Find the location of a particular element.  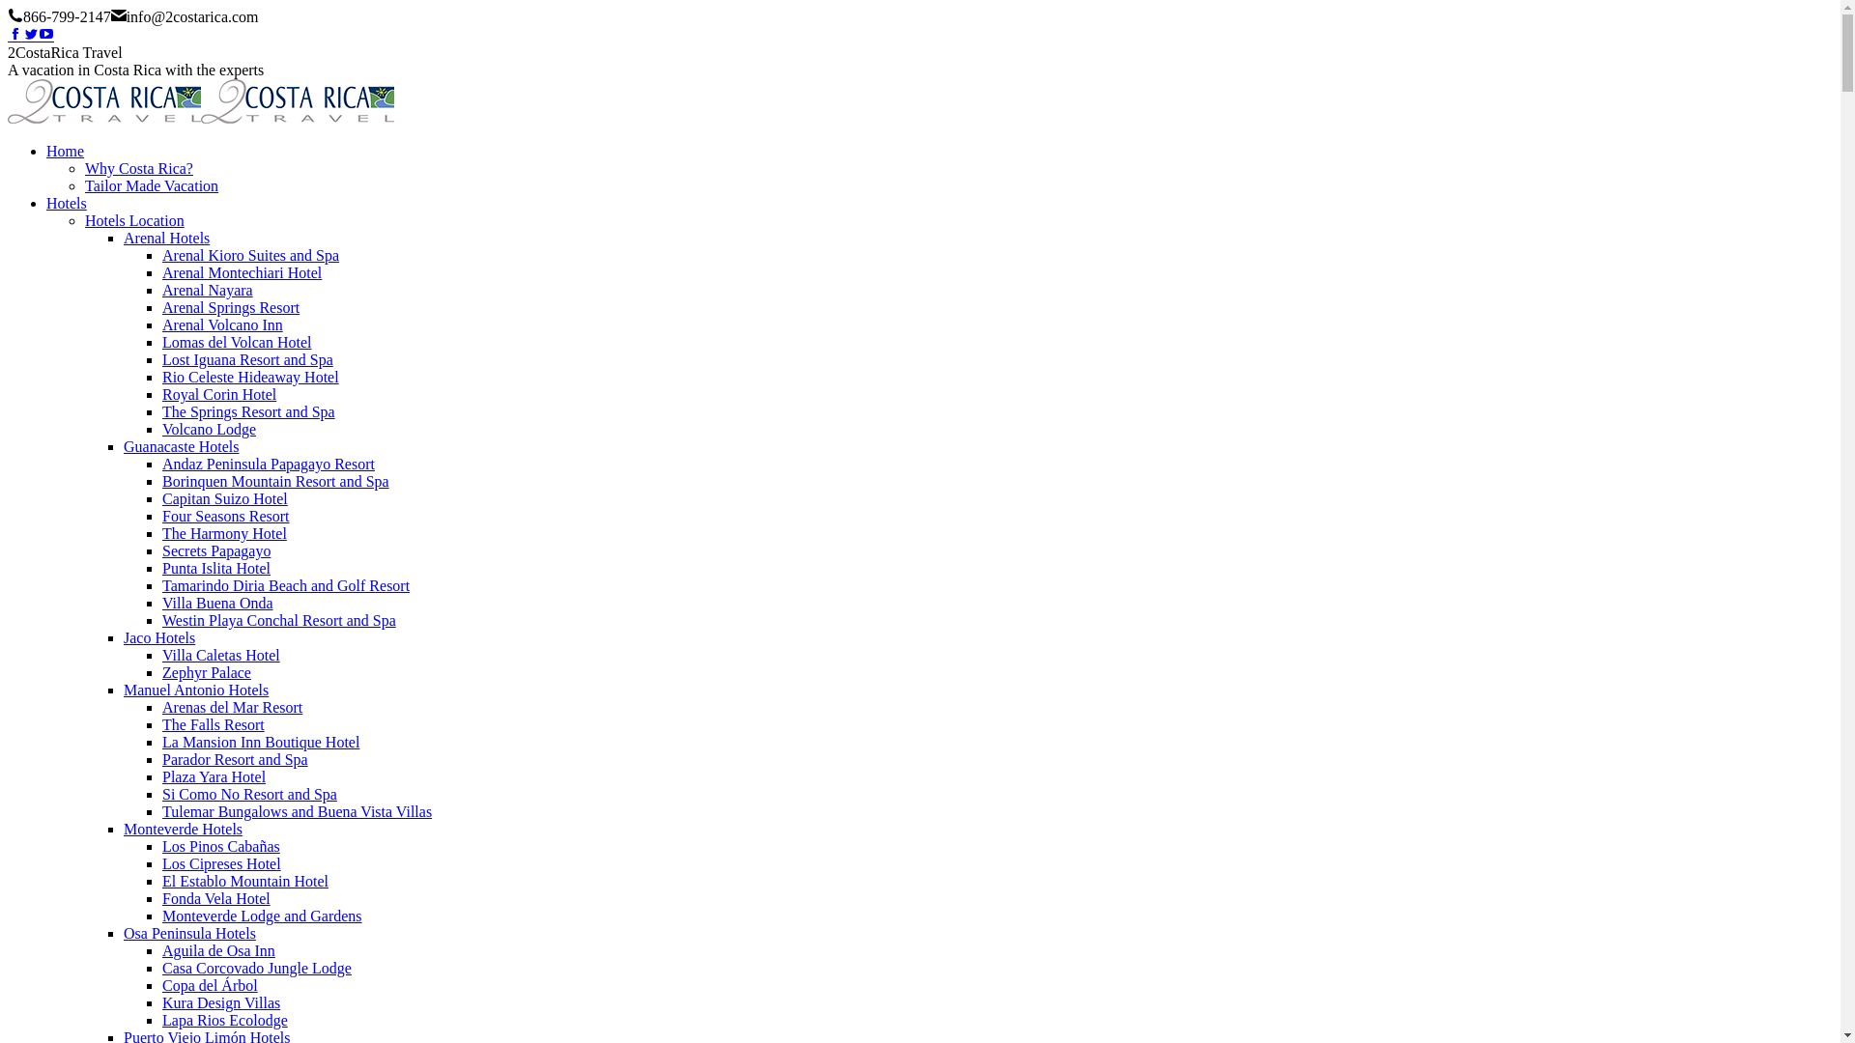

'Home' is located at coordinates (65, 150).